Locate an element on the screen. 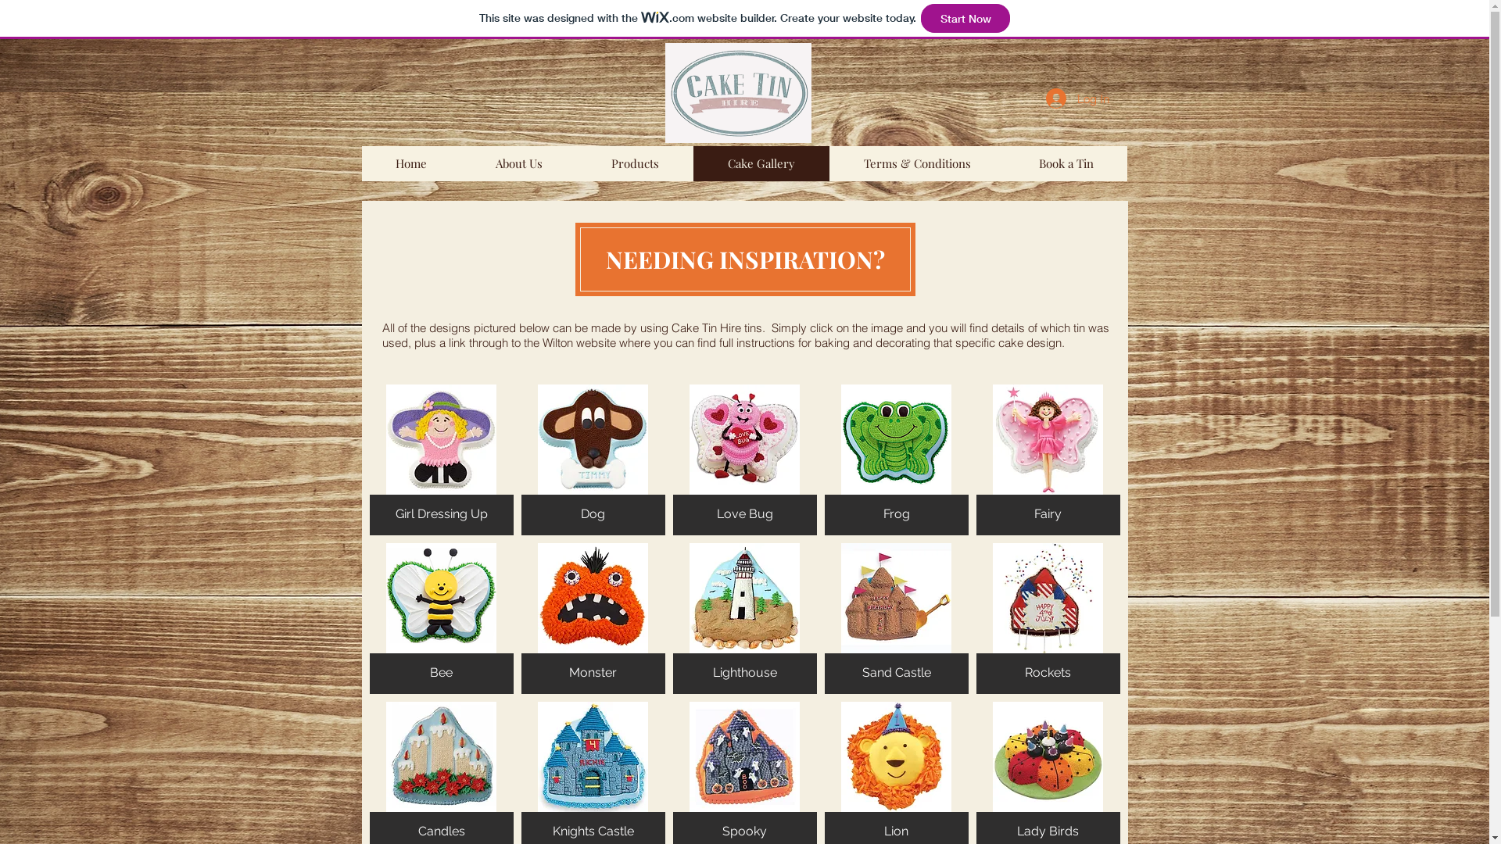 This screenshot has width=1501, height=844. 'About Us' is located at coordinates (518, 163).